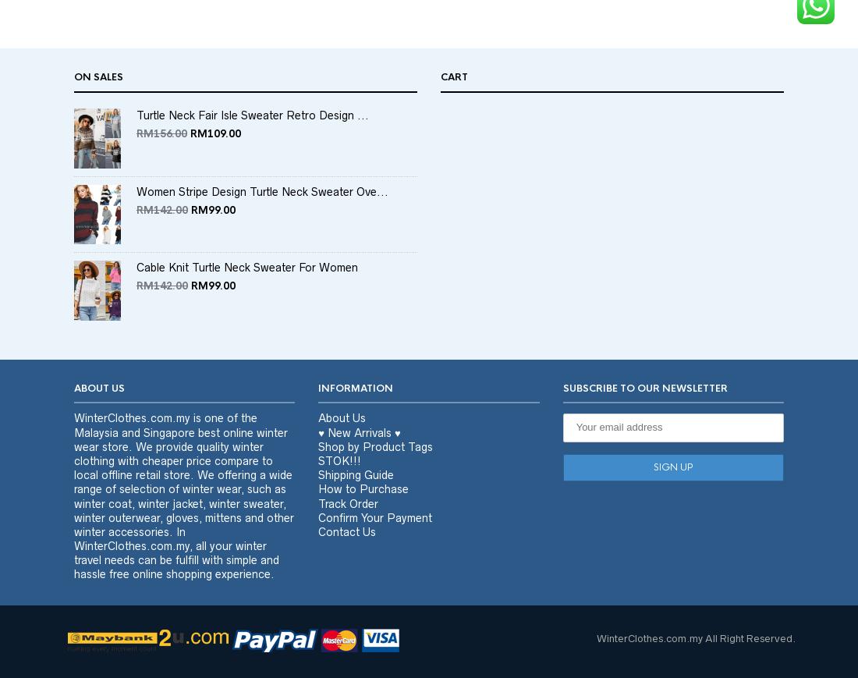 The width and height of the screenshot is (858, 678). Describe the element at coordinates (170, 162) in the screenshot. I see `'156.00'` at that location.